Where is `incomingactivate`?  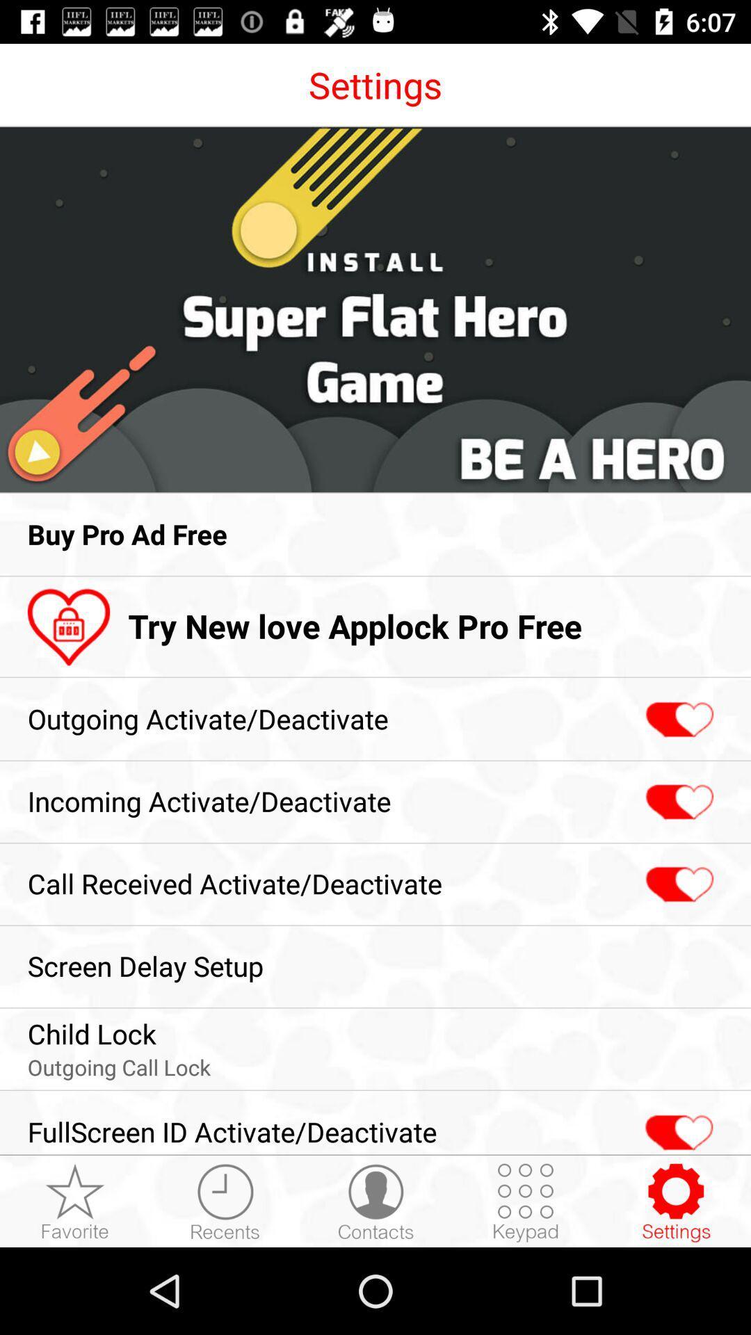 incomingactivate is located at coordinates (677, 802).